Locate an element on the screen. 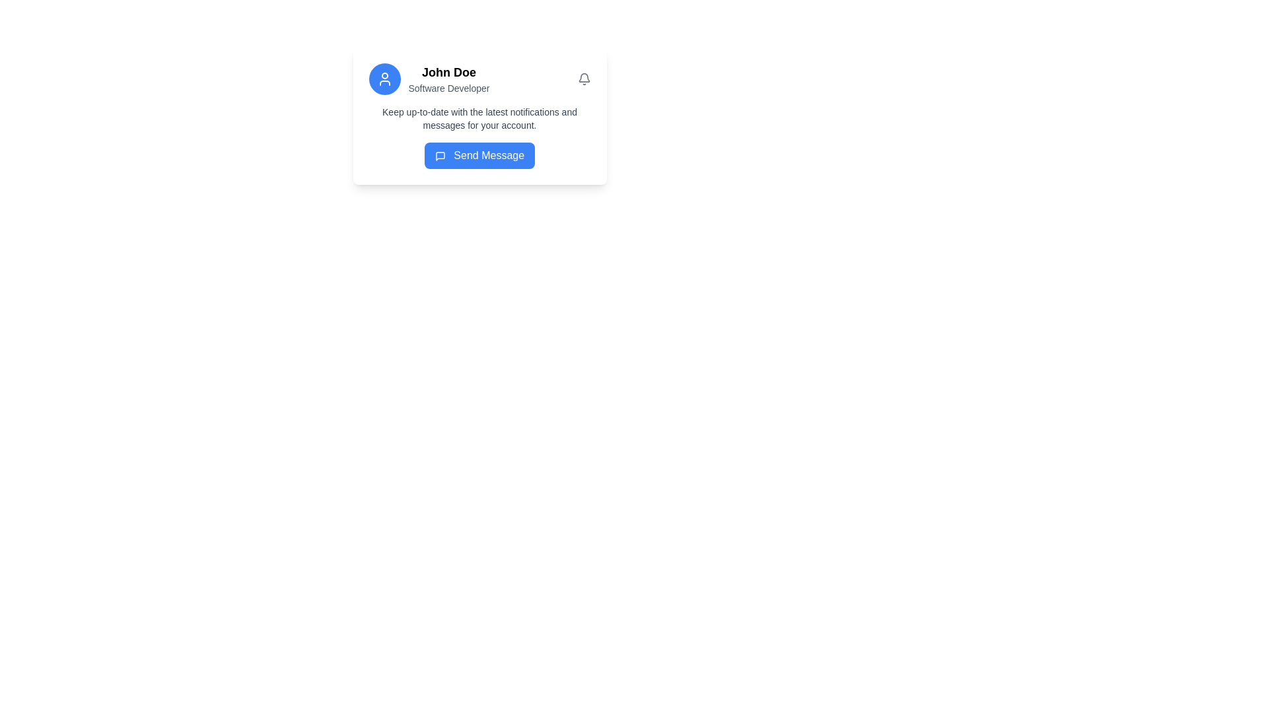 This screenshot has width=1268, height=713. the decorative chat icon located at the upper left side of the card interface, adjacent to the user text description and profile information is located at coordinates (440, 155).